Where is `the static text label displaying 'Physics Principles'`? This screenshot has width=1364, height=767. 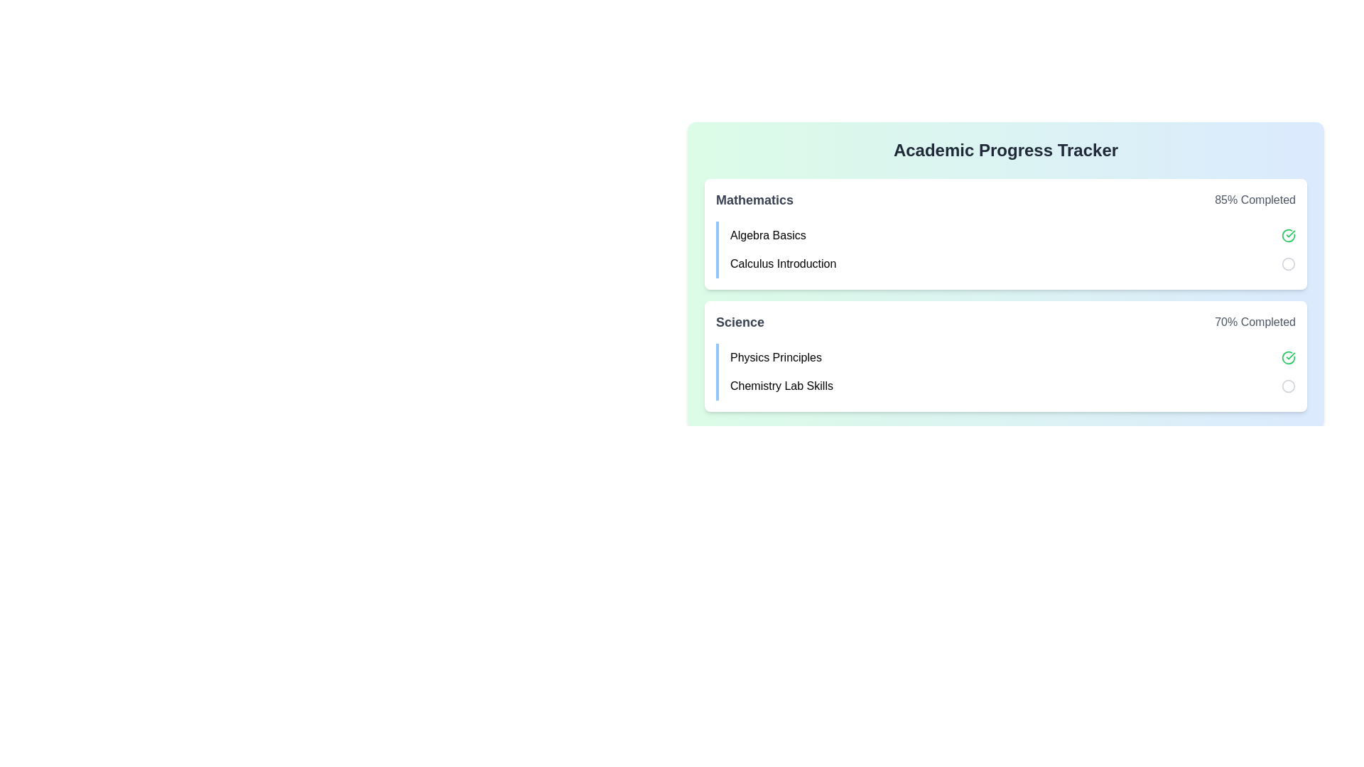
the static text label displaying 'Physics Principles' is located at coordinates (775, 357).